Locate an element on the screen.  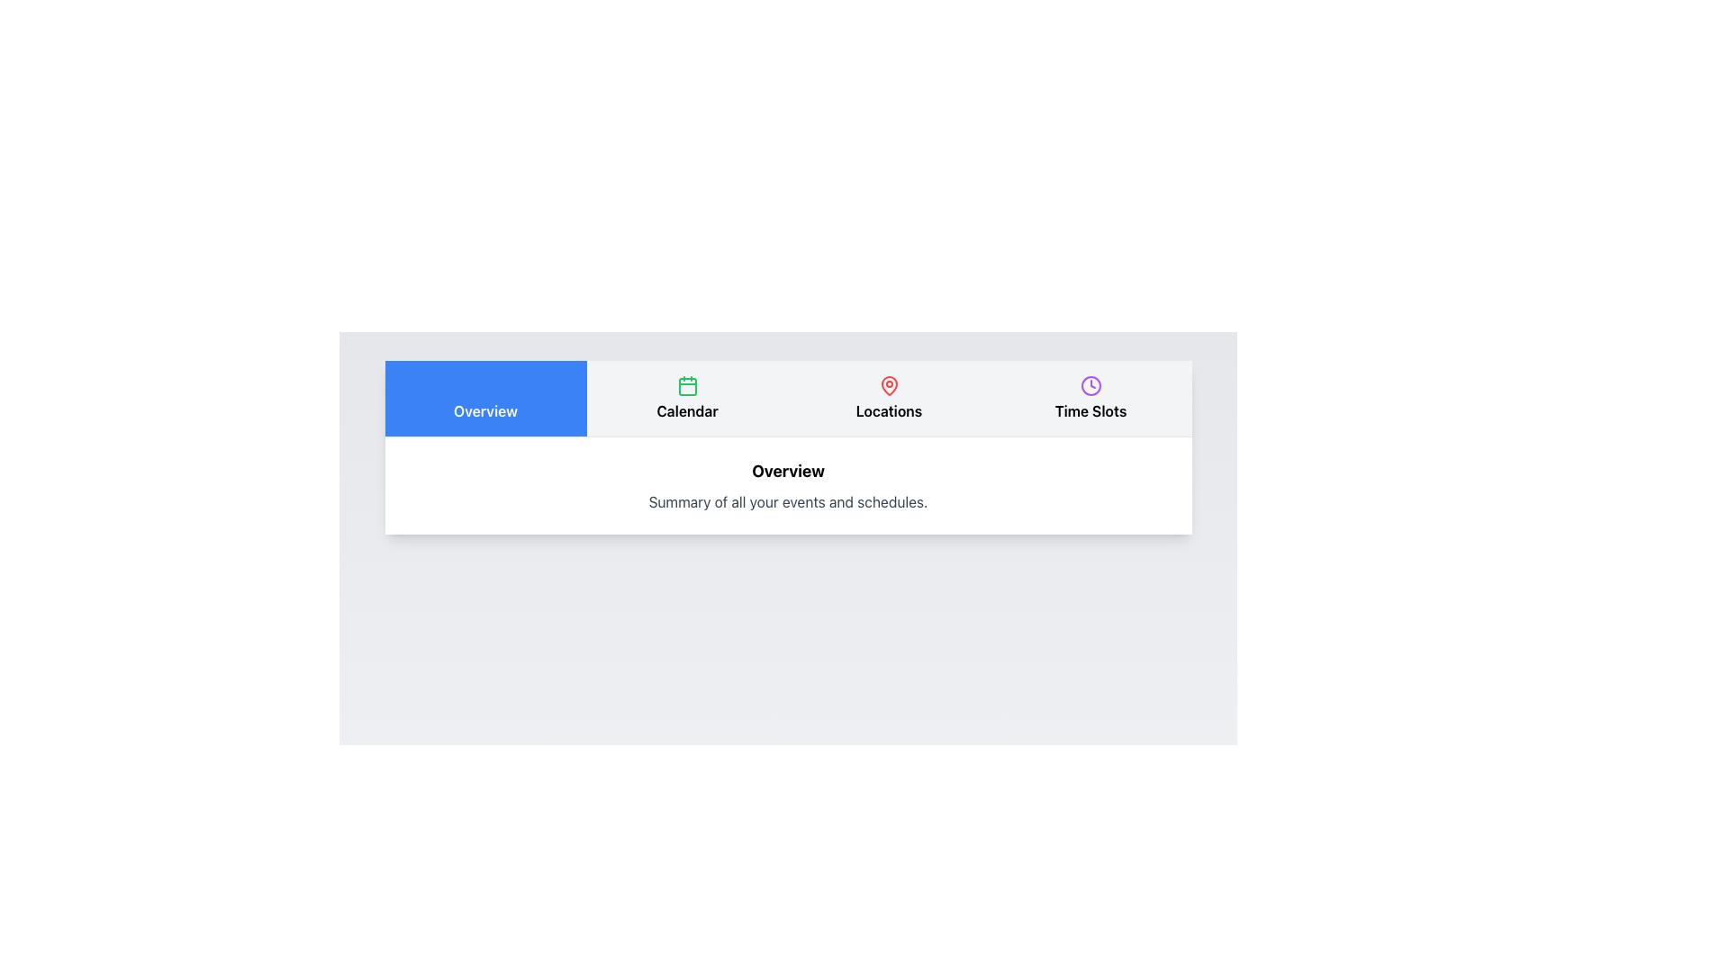
the third navigation tab that redirects to the 'Locations' section of the application is located at coordinates (889, 398).